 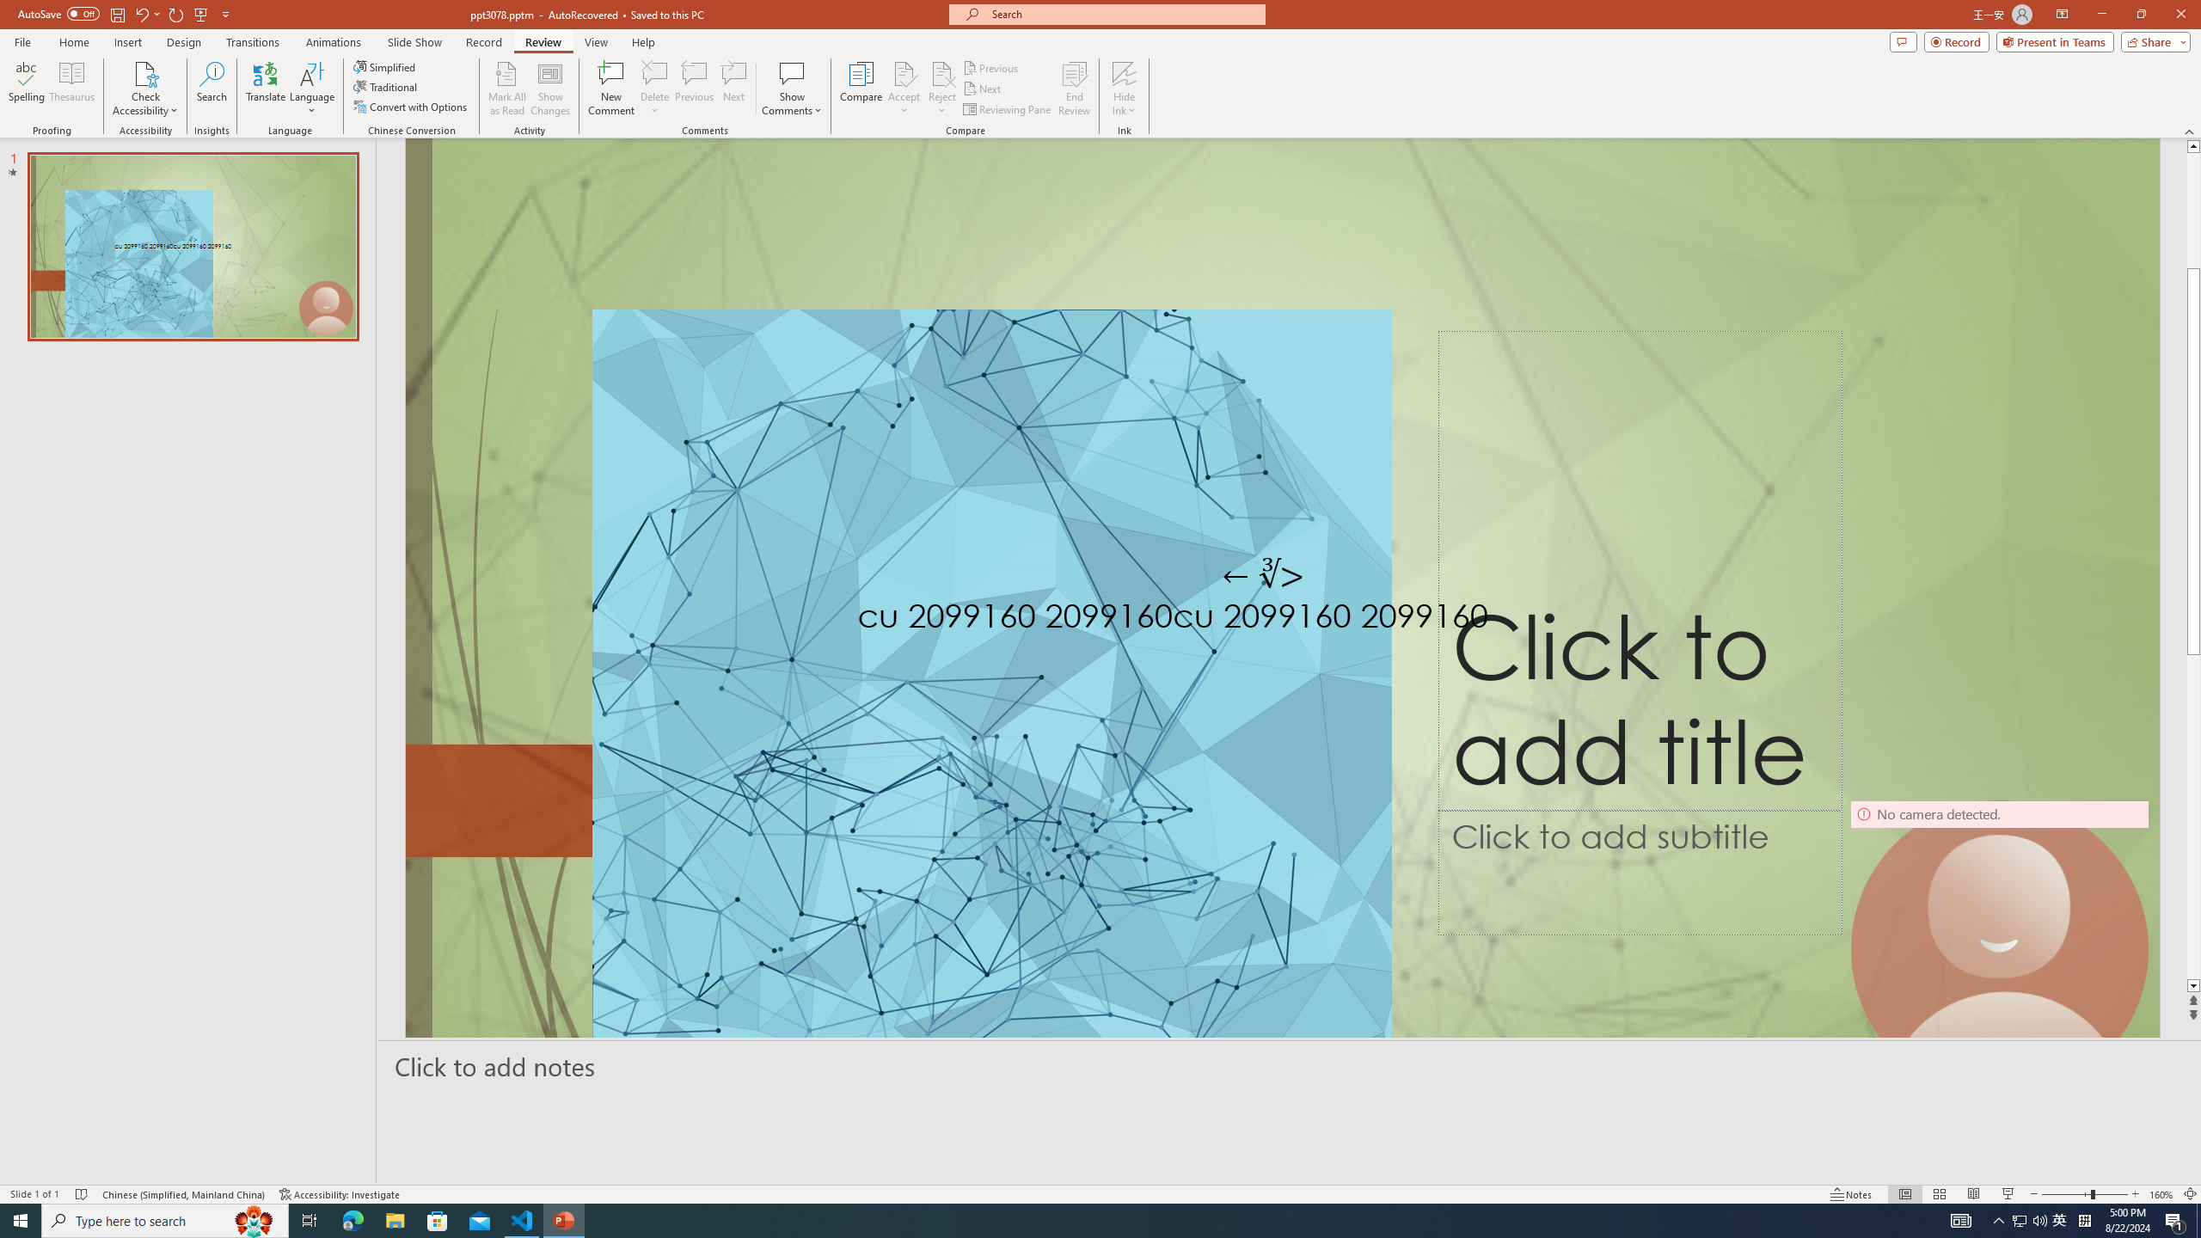 What do you see at coordinates (71, 89) in the screenshot?
I see `'Thesaurus...'` at bounding box center [71, 89].